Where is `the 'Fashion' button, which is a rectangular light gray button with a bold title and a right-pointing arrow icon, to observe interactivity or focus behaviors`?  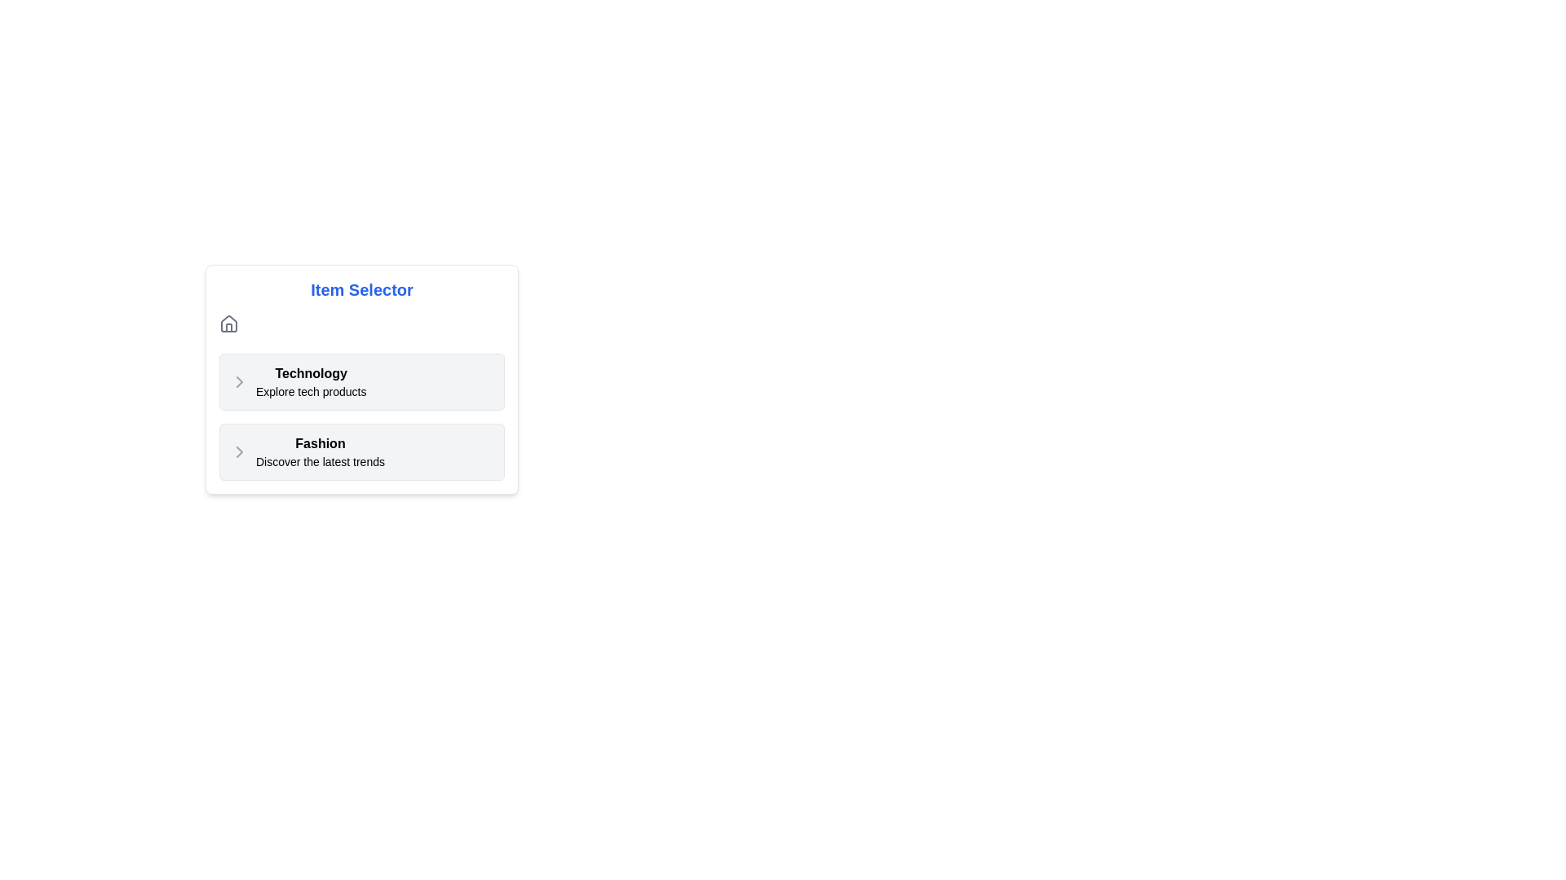
the 'Fashion' button, which is a rectangular light gray button with a bold title and a right-pointing arrow icon, to observe interactivity or focus behaviors is located at coordinates (361, 452).